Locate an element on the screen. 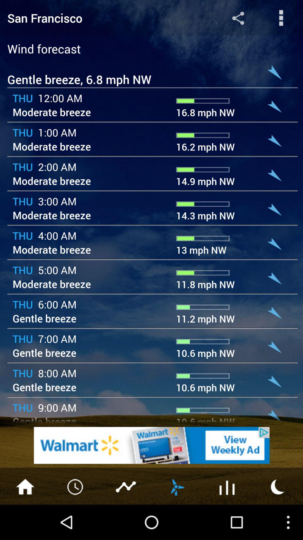 This screenshot has width=303, height=540. the symbol is located at coordinates (227, 486).